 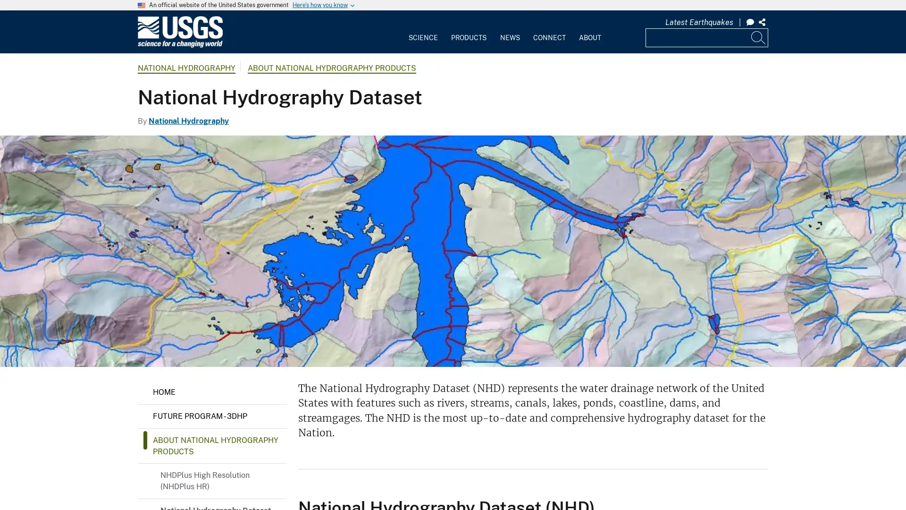 What do you see at coordinates (469, 31) in the screenshot?
I see `PRODUCTS` at bounding box center [469, 31].